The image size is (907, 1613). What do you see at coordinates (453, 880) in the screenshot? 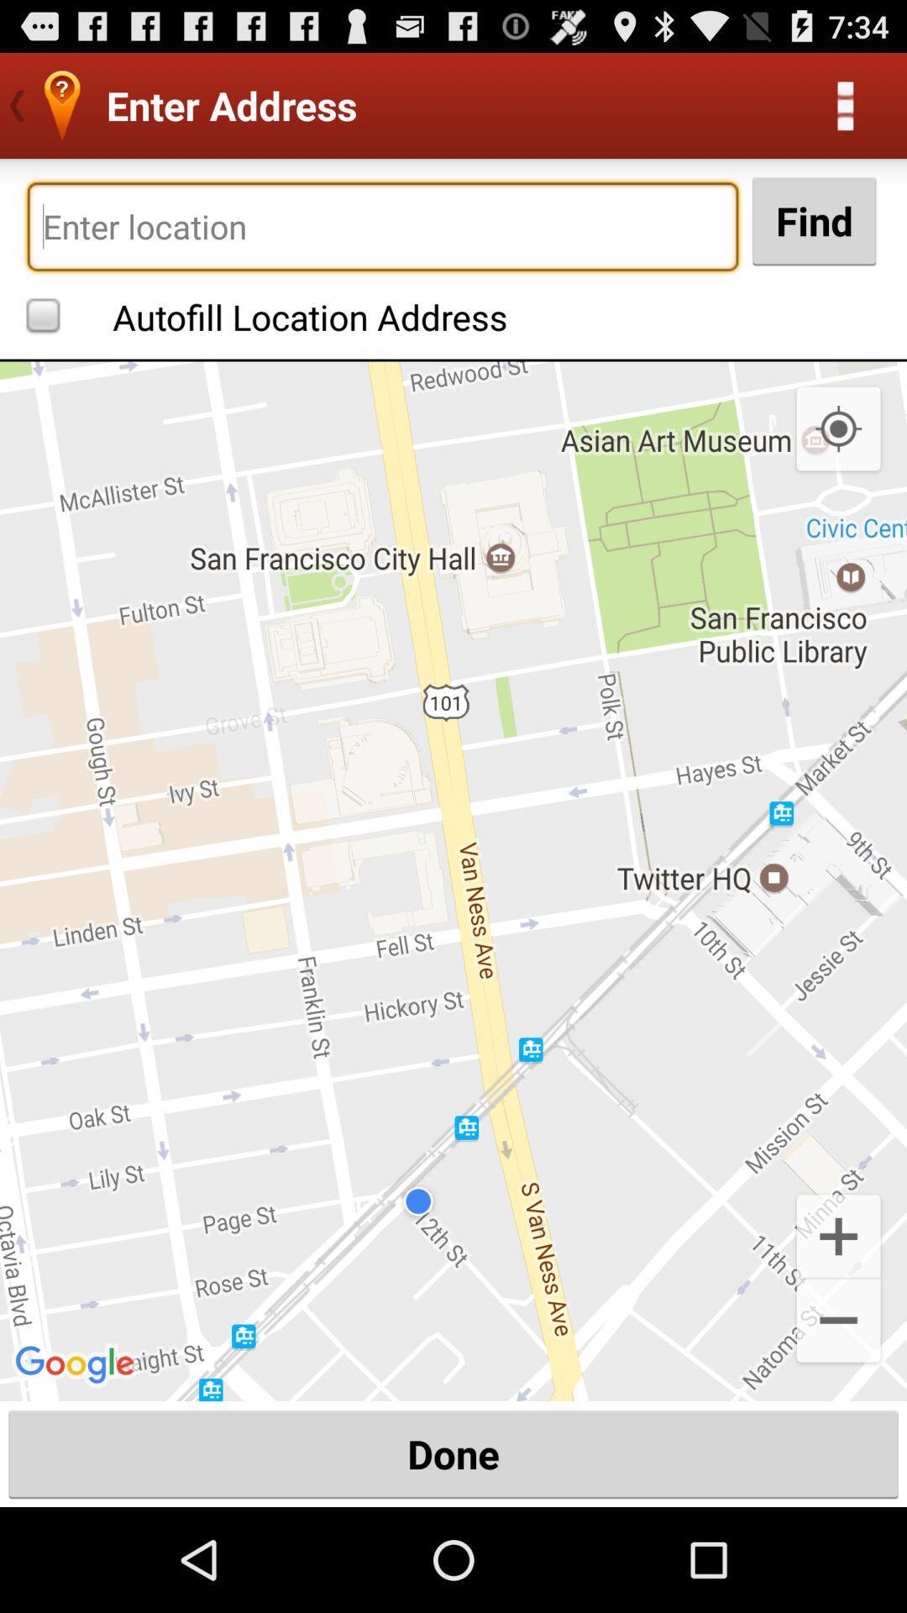
I see `icon above the done button` at bounding box center [453, 880].